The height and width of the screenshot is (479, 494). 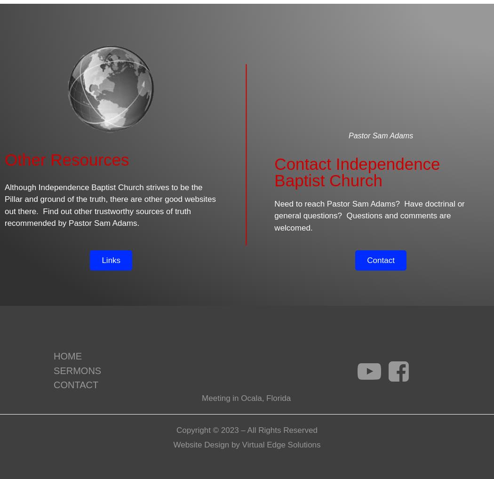 I want to click on 'Meeting in Ocala, Florida', so click(x=246, y=397).